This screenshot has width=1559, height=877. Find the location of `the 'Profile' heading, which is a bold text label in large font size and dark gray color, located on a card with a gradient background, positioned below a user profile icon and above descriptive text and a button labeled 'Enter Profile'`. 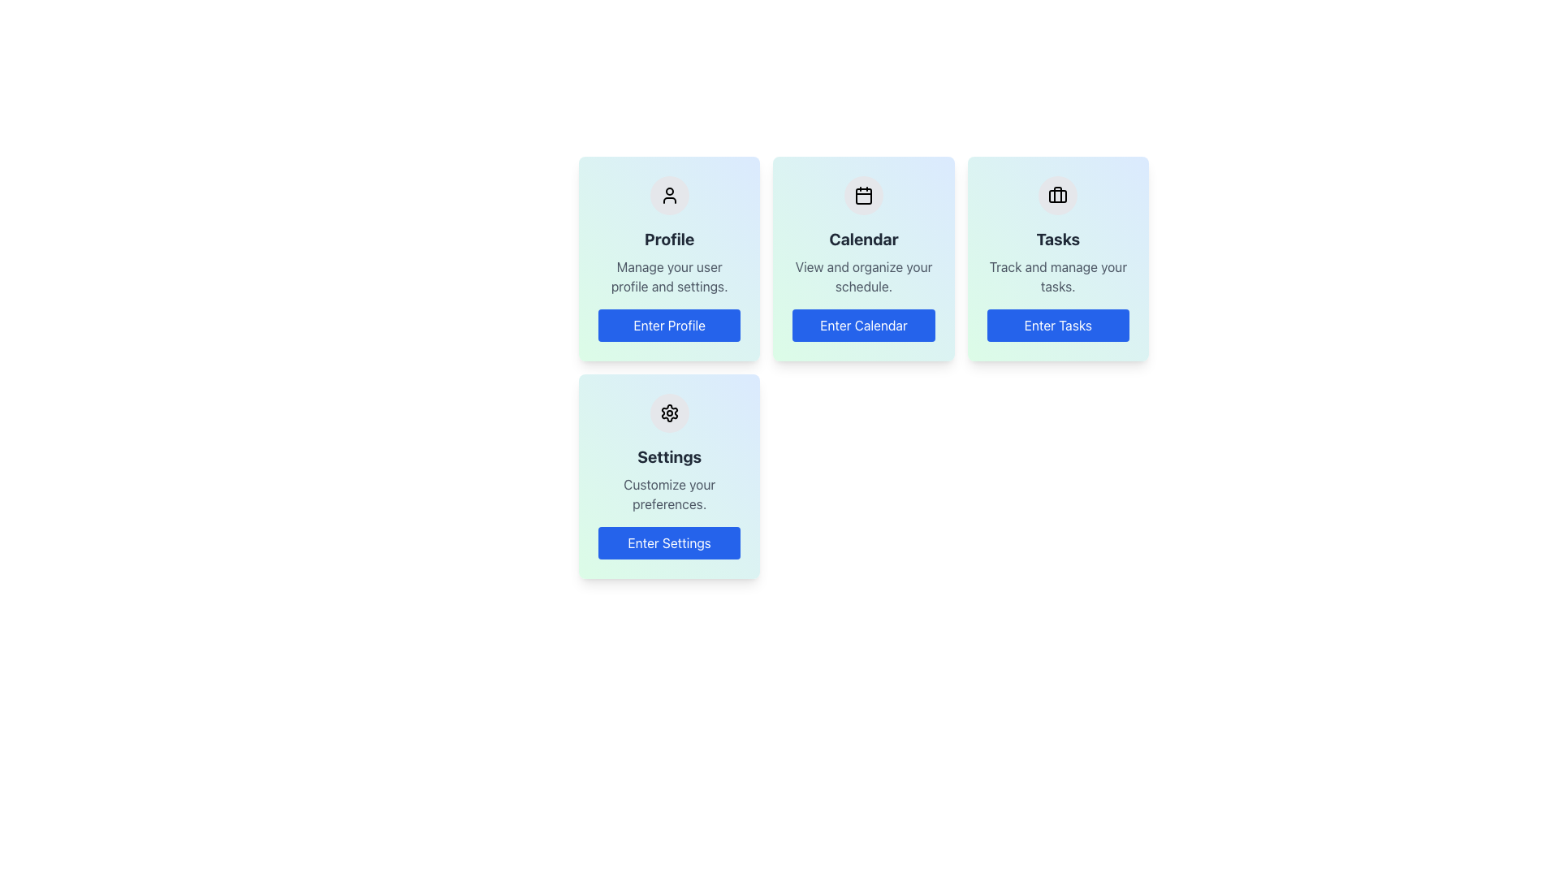

the 'Profile' heading, which is a bold text label in large font size and dark gray color, located on a card with a gradient background, positioned below a user profile icon and above descriptive text and a button labeled 'Enter Profile' is located at coordinates (669, 239).